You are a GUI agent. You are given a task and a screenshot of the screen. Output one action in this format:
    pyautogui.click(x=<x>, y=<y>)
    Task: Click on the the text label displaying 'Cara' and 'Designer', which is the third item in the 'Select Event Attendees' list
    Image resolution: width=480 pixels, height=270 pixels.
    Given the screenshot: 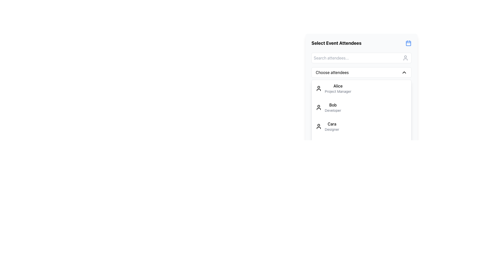 What is the action you would take?
    pyautogui.click(x=332, y=126)
    